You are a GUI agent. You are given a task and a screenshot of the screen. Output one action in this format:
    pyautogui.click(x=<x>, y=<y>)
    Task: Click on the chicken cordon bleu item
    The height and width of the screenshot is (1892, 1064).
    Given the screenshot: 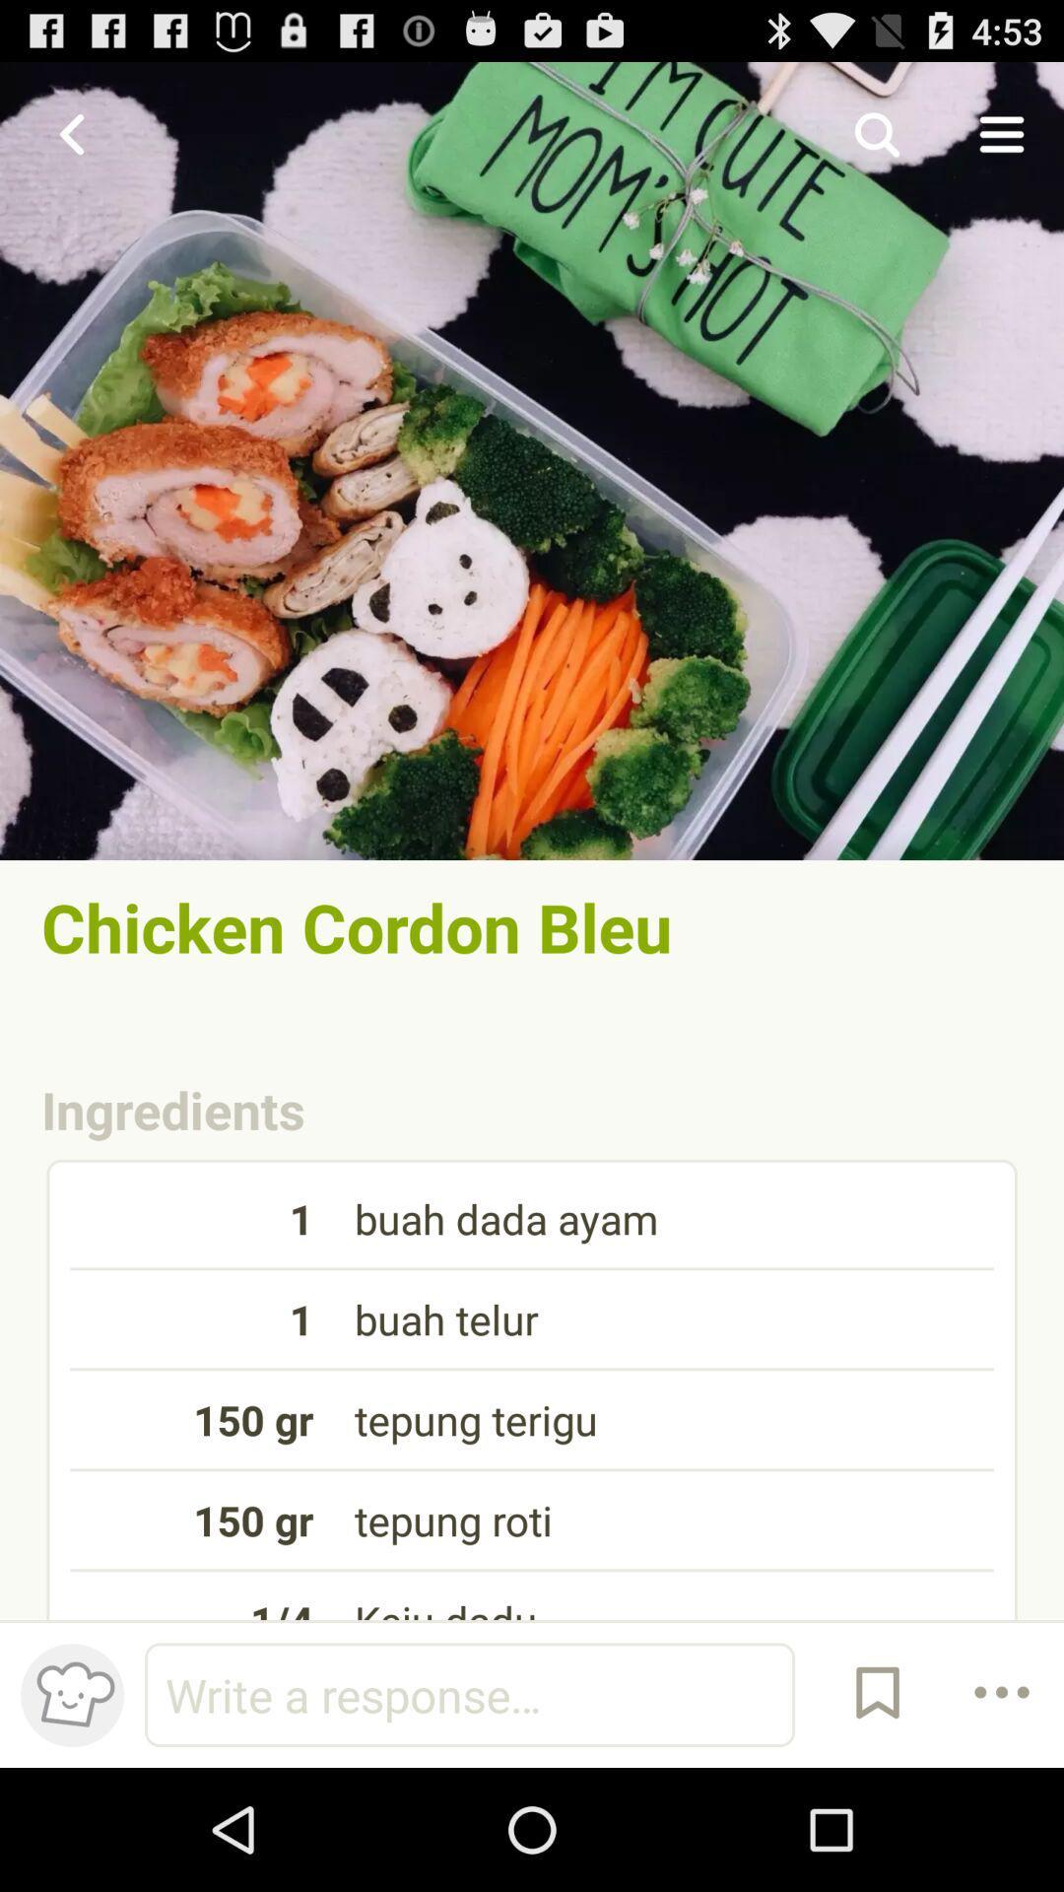 What is the action you would take?
    pyautogui.click(x=532, y=925)
    